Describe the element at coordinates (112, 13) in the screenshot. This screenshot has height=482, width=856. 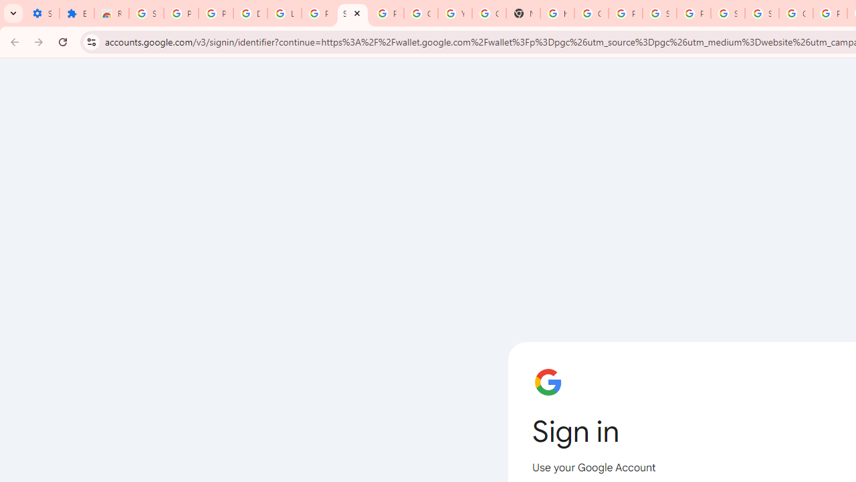
I see `'Reviews: Helix Fruit Jump Arcade Game'` at that location.